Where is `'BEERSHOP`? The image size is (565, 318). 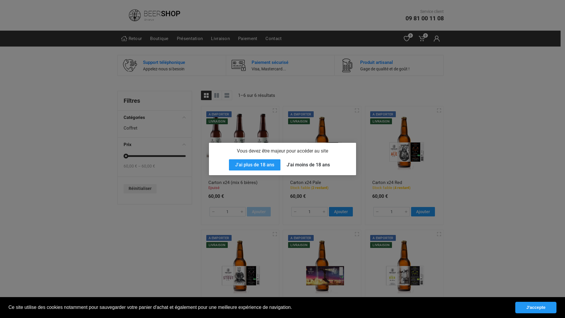
'BEERSHOP is located at coordinates (159, 15).